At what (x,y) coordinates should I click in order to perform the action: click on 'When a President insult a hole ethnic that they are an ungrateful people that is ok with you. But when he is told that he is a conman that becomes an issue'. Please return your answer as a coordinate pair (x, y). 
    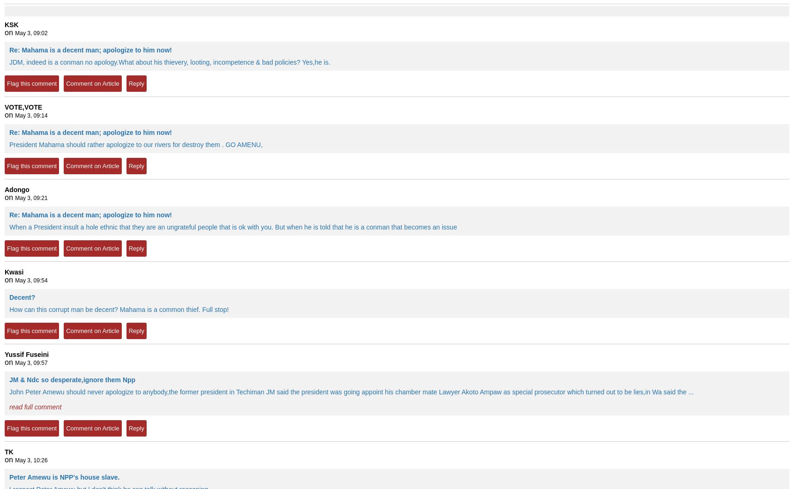
    Looking at the image, I should click on (232, 227).